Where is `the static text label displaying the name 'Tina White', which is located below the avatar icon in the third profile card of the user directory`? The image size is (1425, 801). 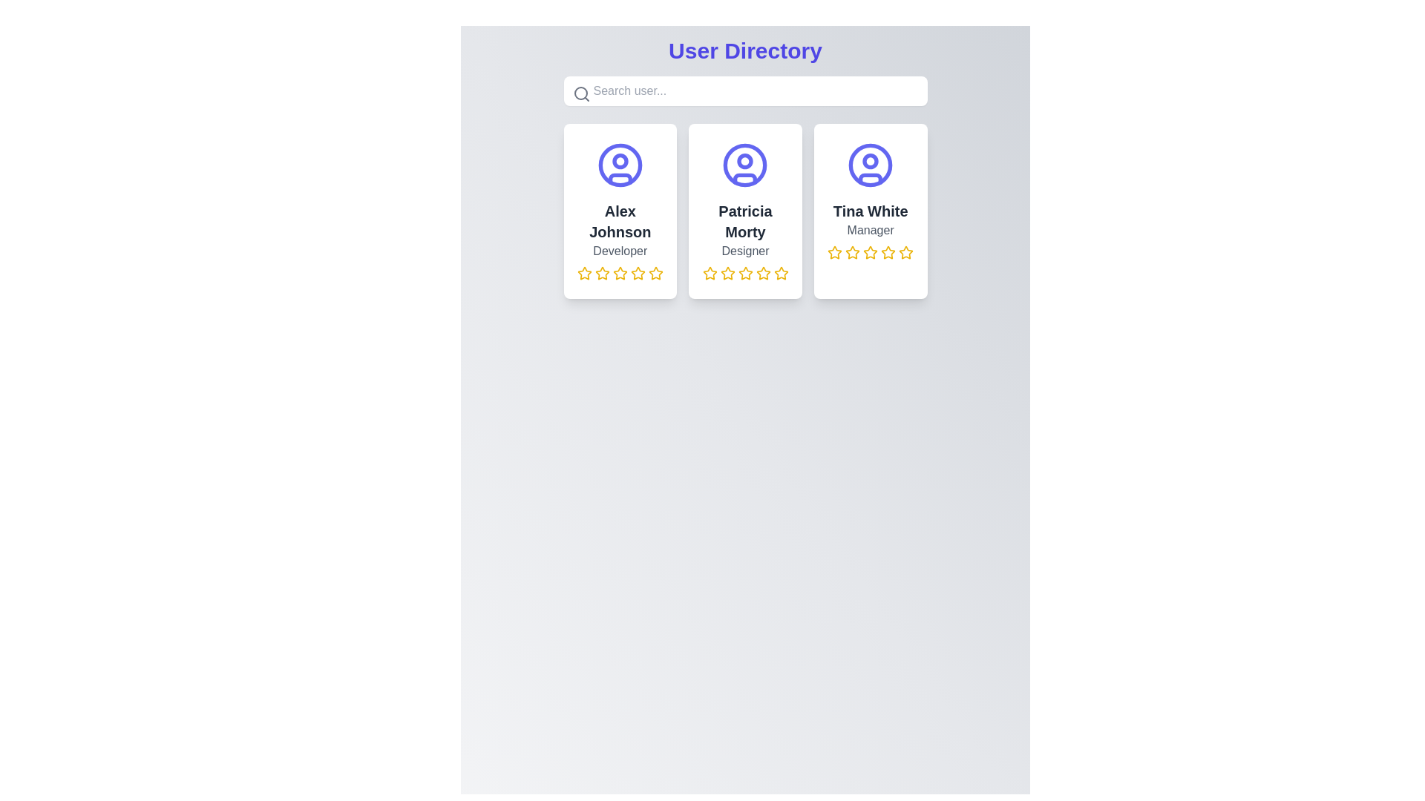 the static text label displaying the name 'Tina White', which is located below the avatar icon in the third profile card of the user directory is located at coordinates (871, 211).